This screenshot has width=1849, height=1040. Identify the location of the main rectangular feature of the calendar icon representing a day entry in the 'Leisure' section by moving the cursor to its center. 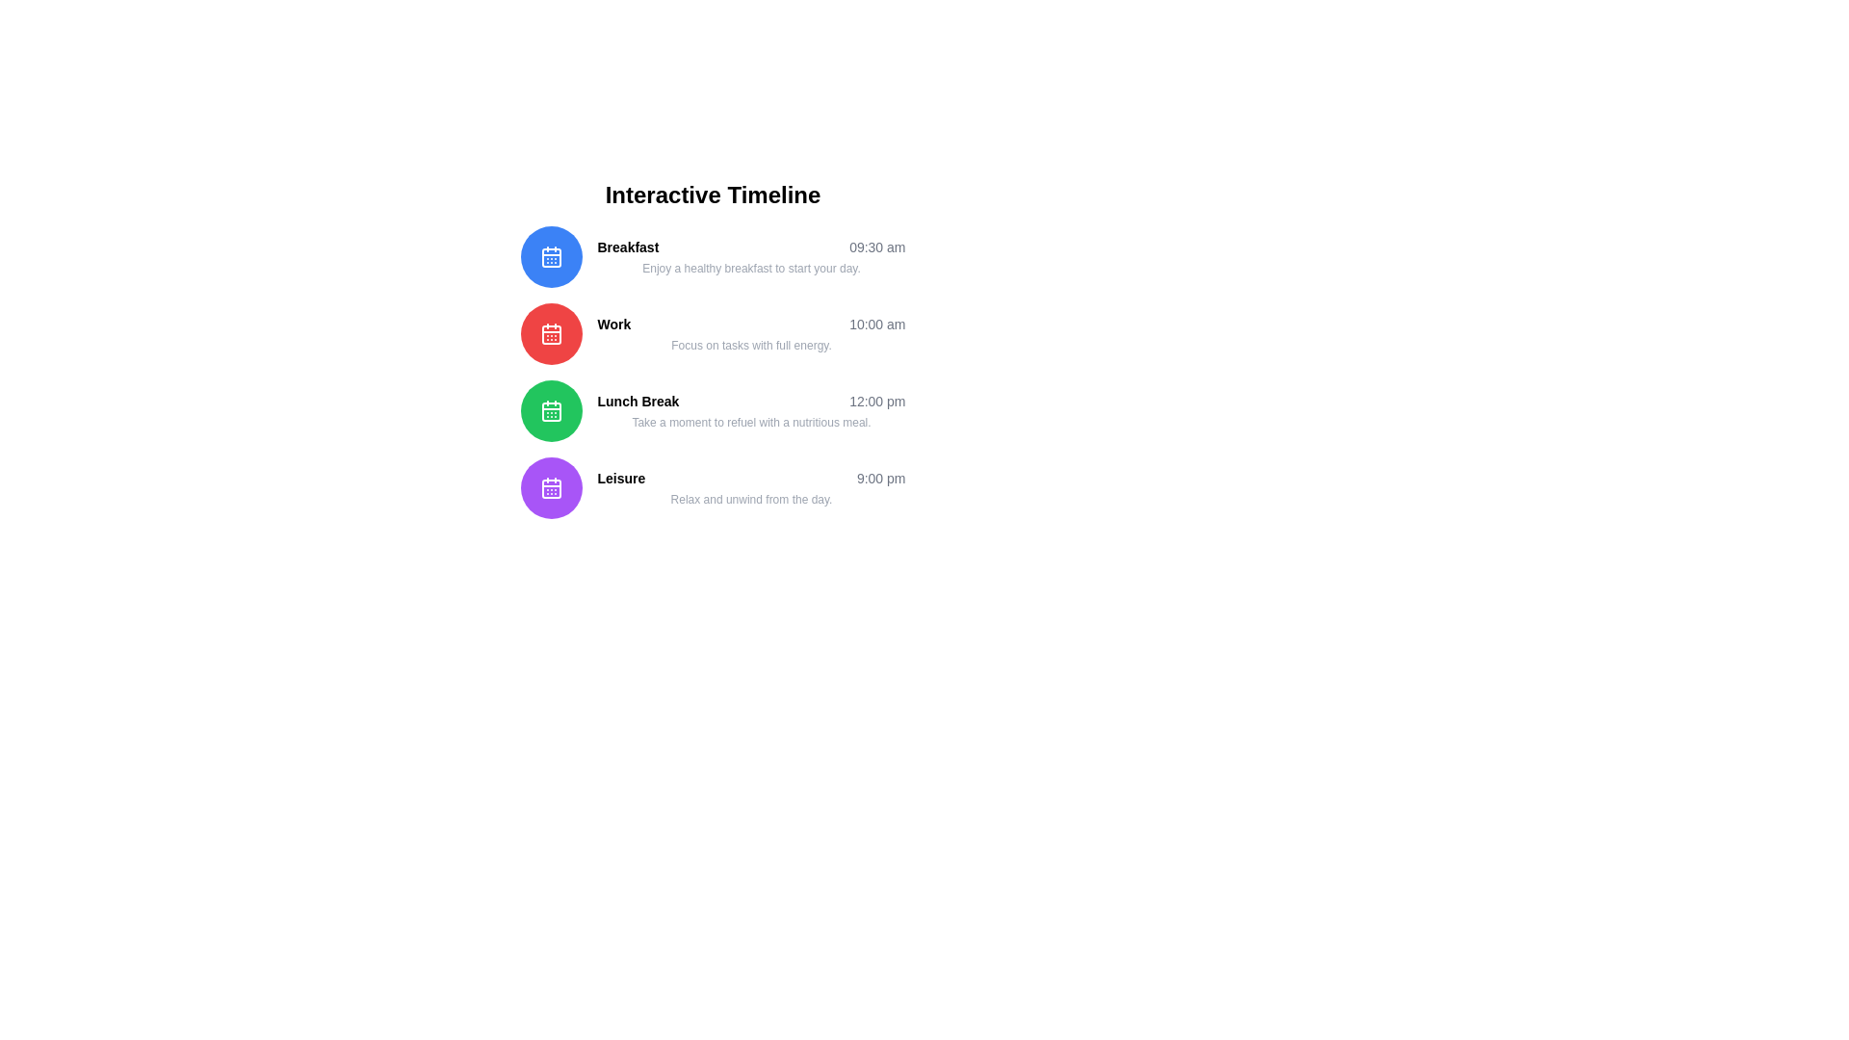
(550, 488).